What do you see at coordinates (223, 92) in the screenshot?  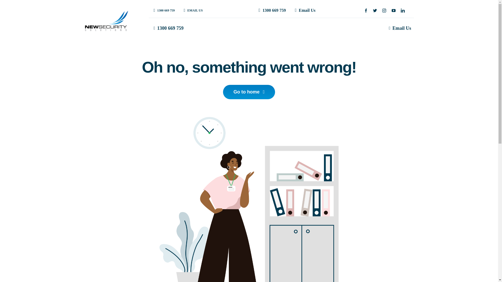 I see `'Go to home'` at bounding box center [223, 92].